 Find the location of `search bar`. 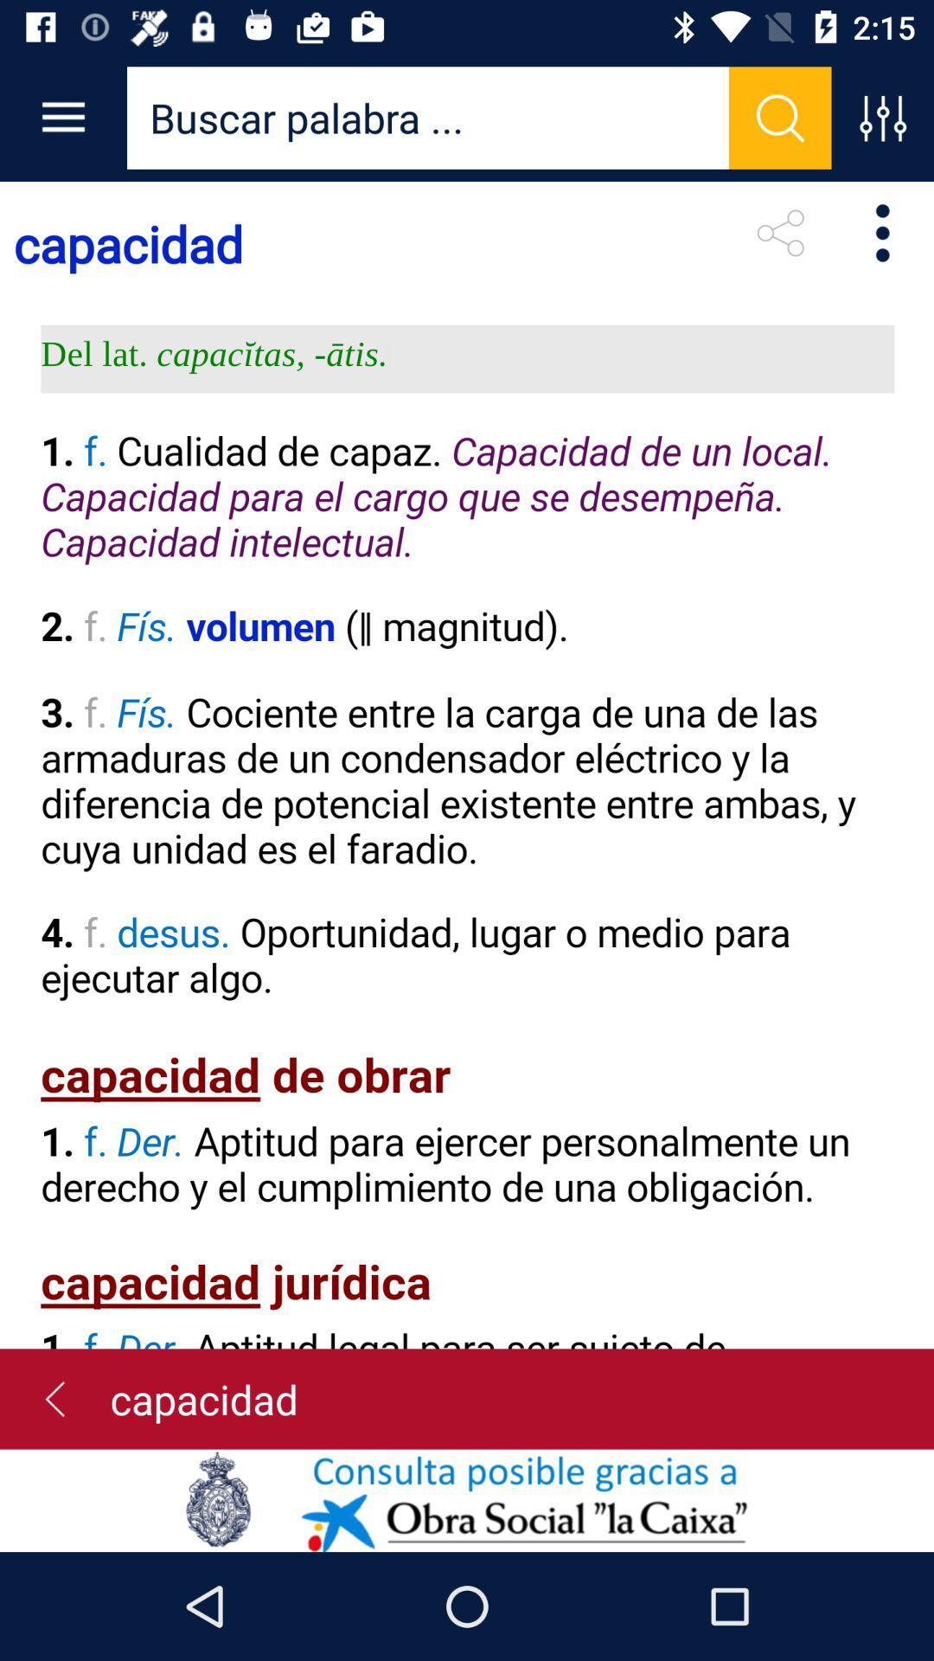

search bar is located at coordinates (427, 117).